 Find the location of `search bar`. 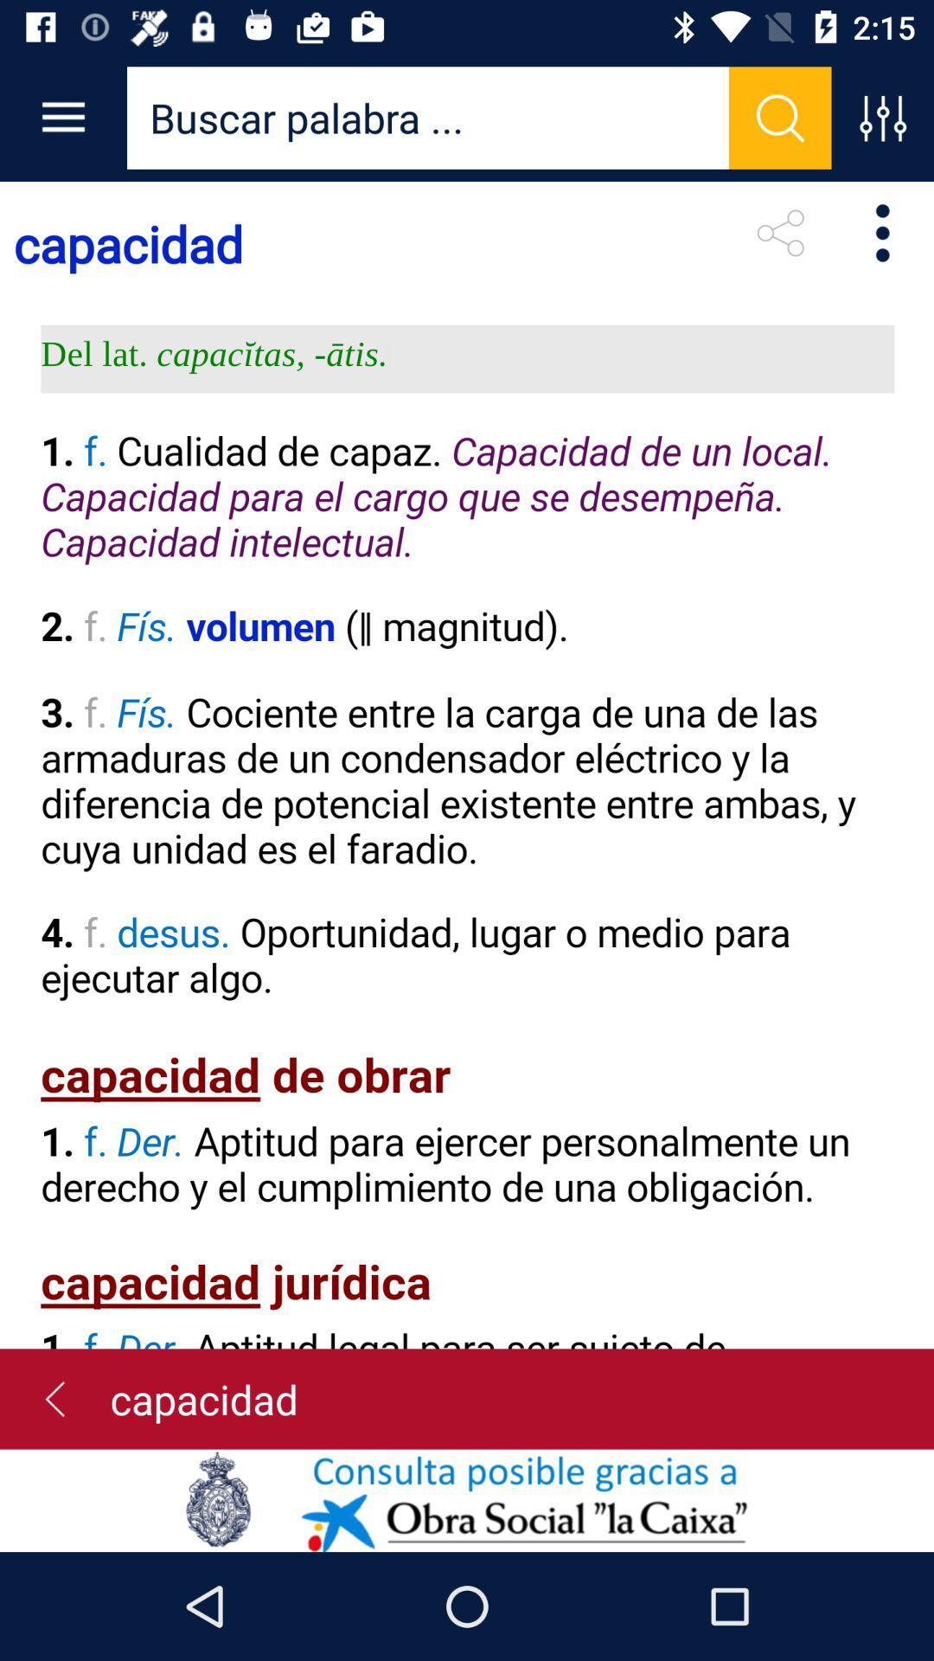

search bar is located at coordinates (427, 117).